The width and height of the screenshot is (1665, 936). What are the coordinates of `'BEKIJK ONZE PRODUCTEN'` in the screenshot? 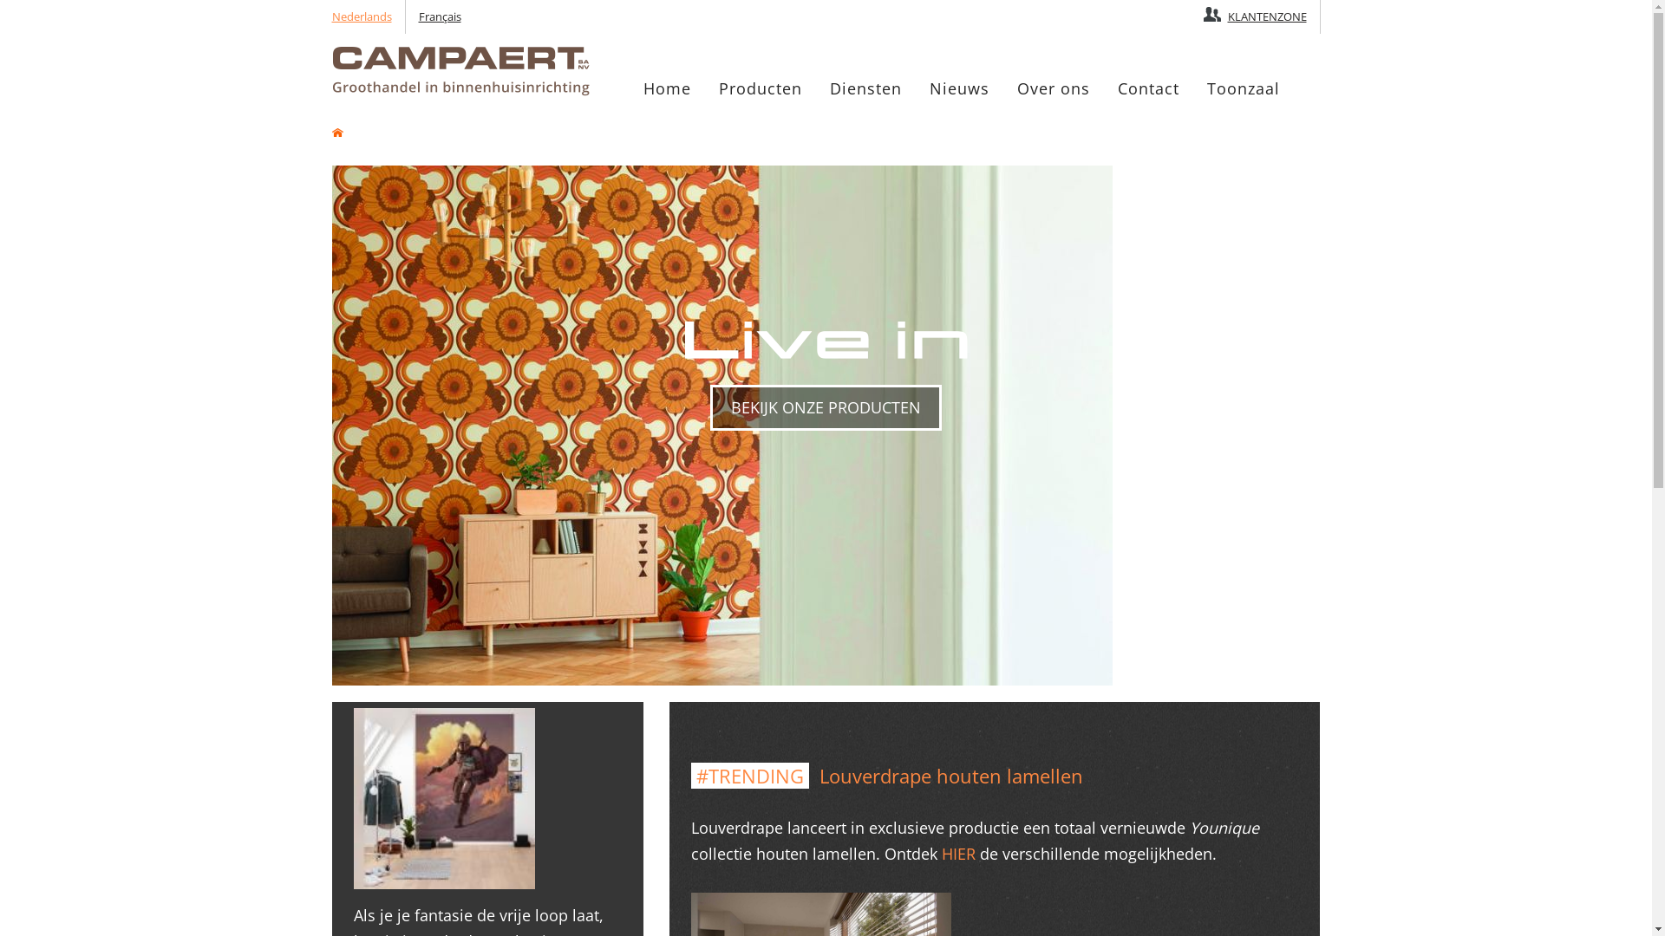 It's located at (825, 407).